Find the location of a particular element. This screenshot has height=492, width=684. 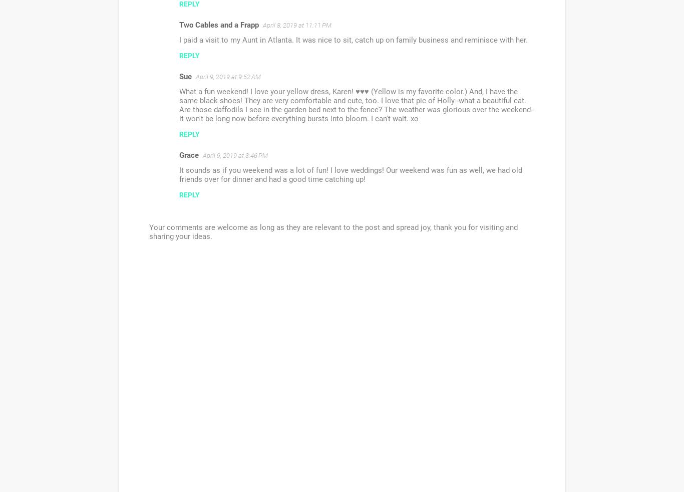

'April 9, 2019 at 3:46 PM' is located at coordinates (235, 155).